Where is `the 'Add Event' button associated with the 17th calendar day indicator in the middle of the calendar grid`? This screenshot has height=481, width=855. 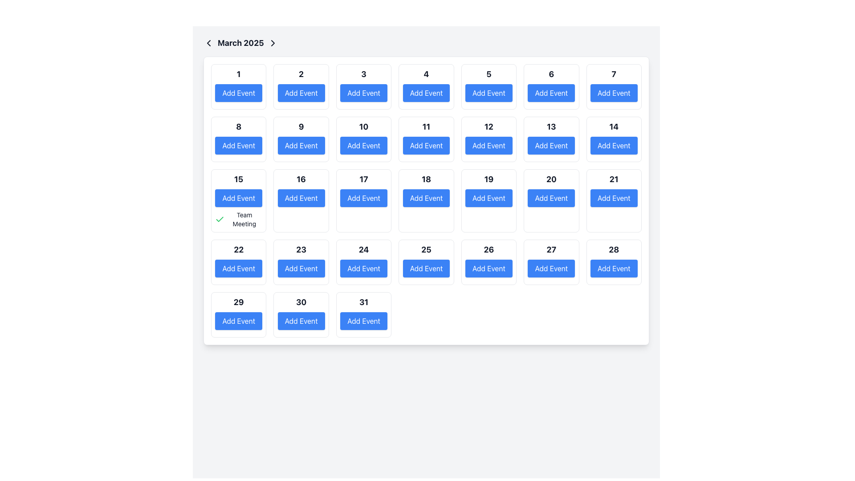 the 'Add Event' button associated with the 17th calendar day indicator in the middle of the calendar grid is located at coordinates (364, 201).